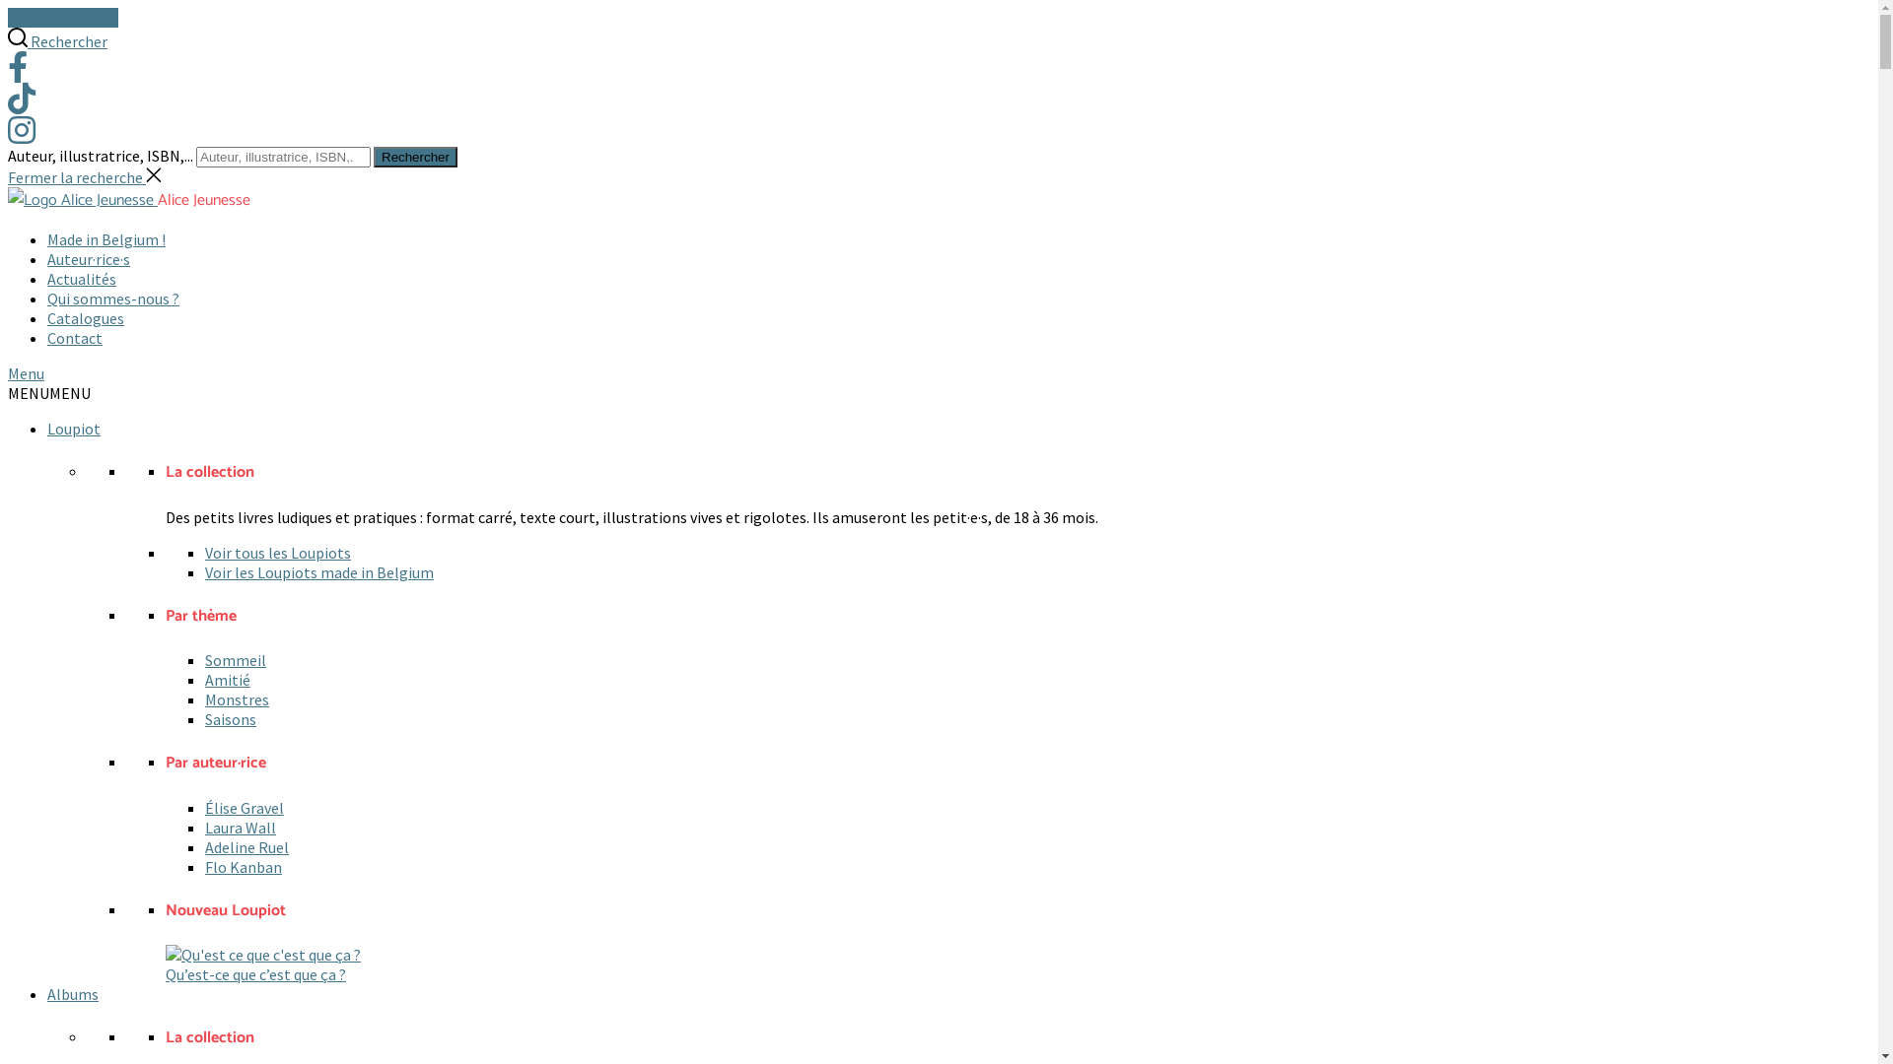 The image size is (1893, 1064). Describe the element at coordinates (62, 18) in the screenshot. I see `'Aller au contenu'` at that location.